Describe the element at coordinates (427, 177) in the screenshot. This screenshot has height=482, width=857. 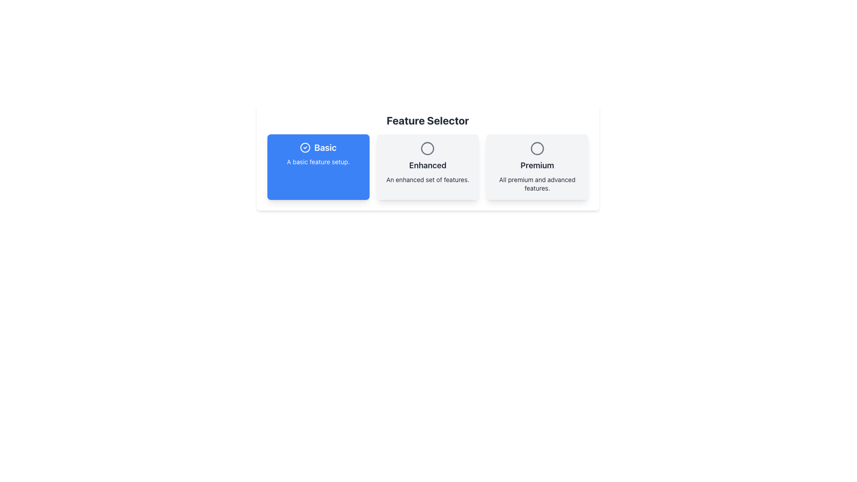
I see `the feature selector modal to choose a feature level among Basic, Enhanced, and Premium options` at that location.